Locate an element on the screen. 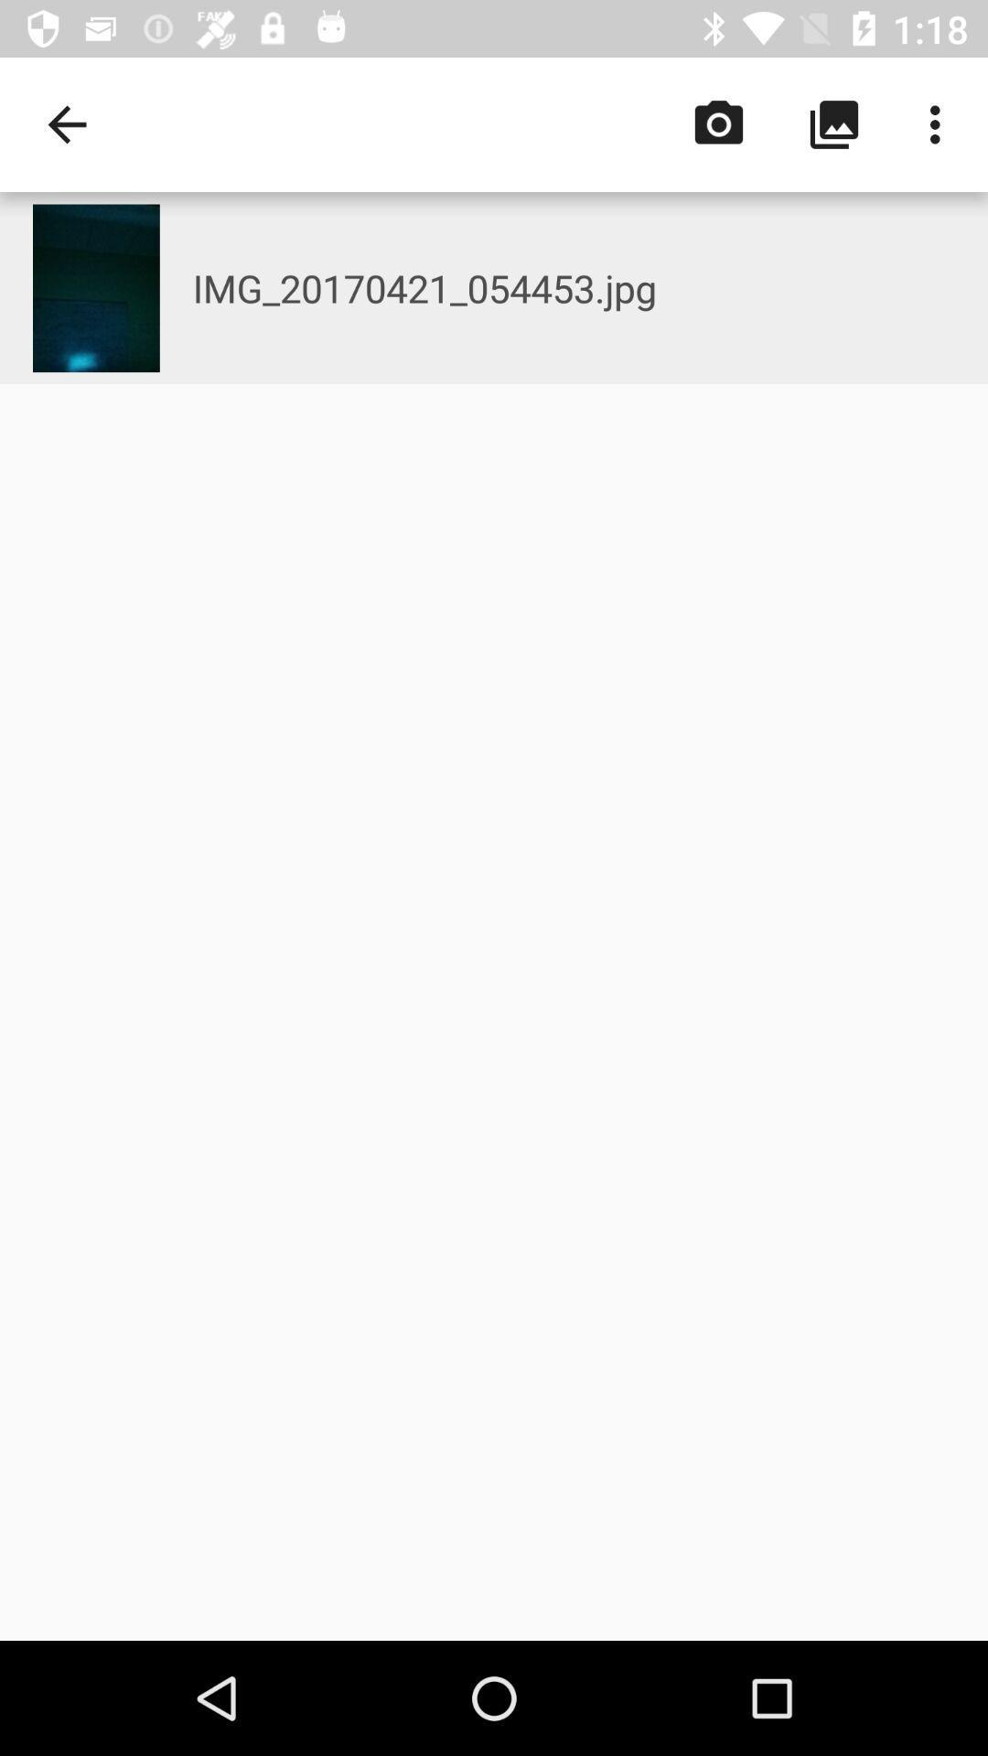  item to the left of img_20170421_054453.jpg is located at coordinates (66, 123).